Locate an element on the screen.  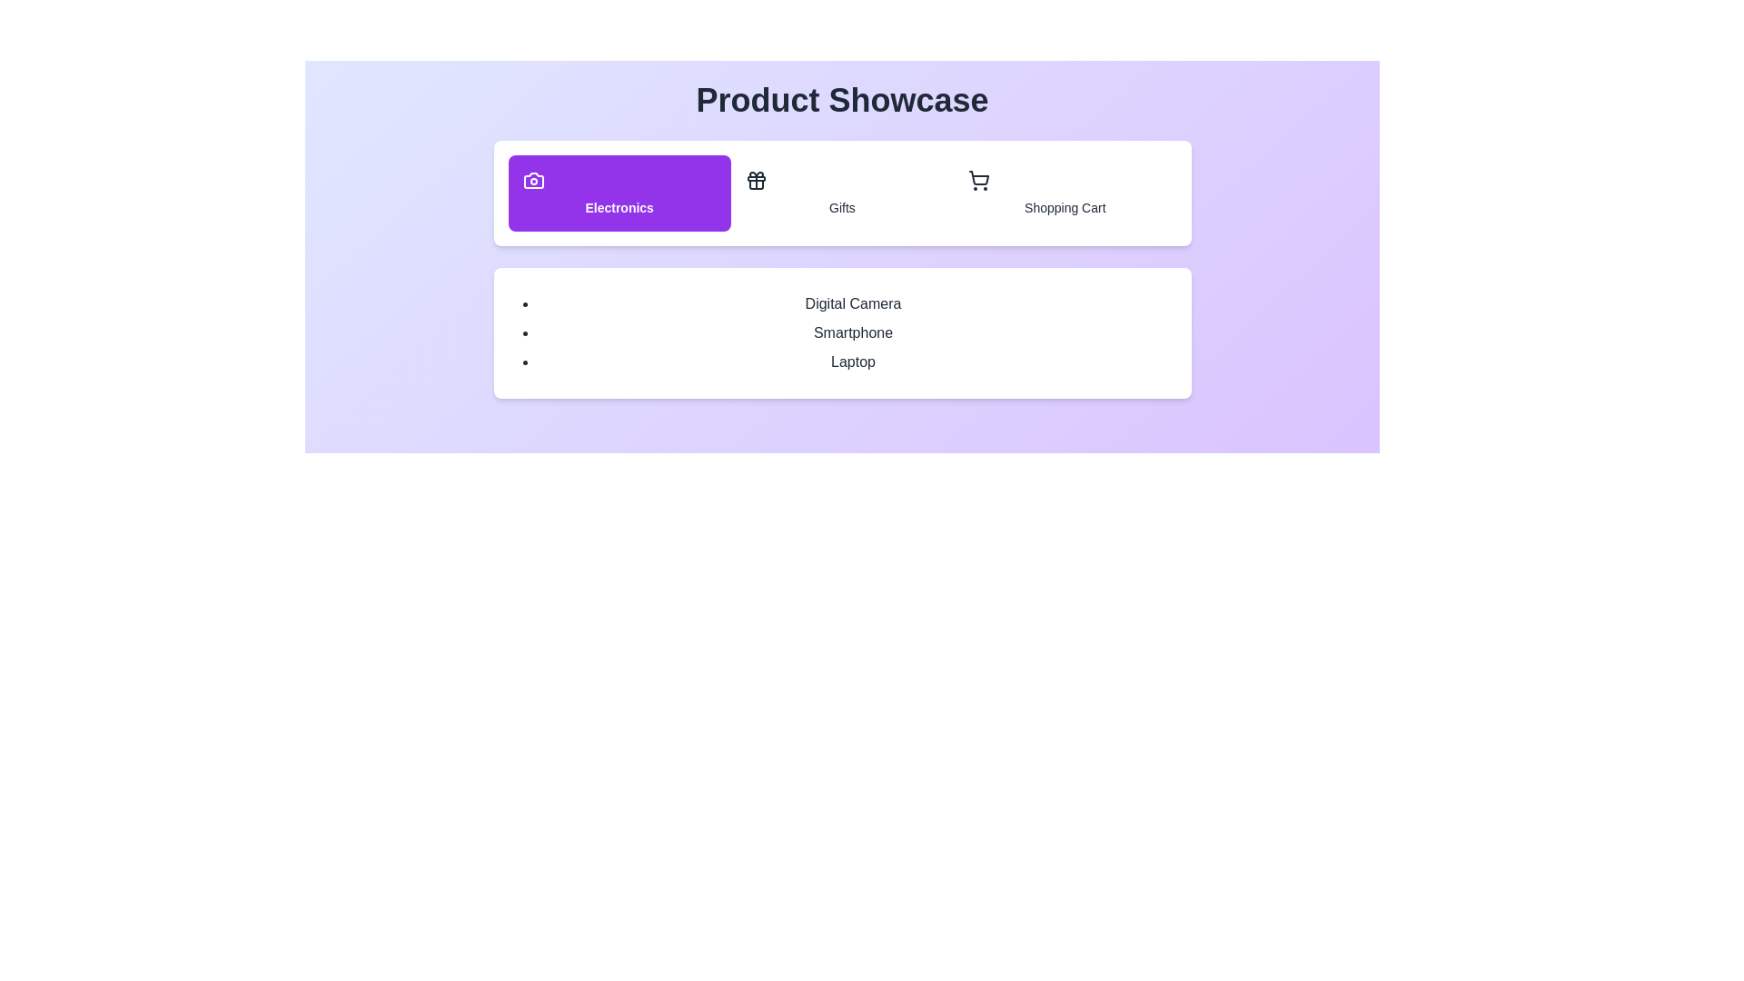
the text element displaying 'Smartphone', which is the second item in the vertically arranged list under the 'Electronics' section is located at coordinates (852, 332).